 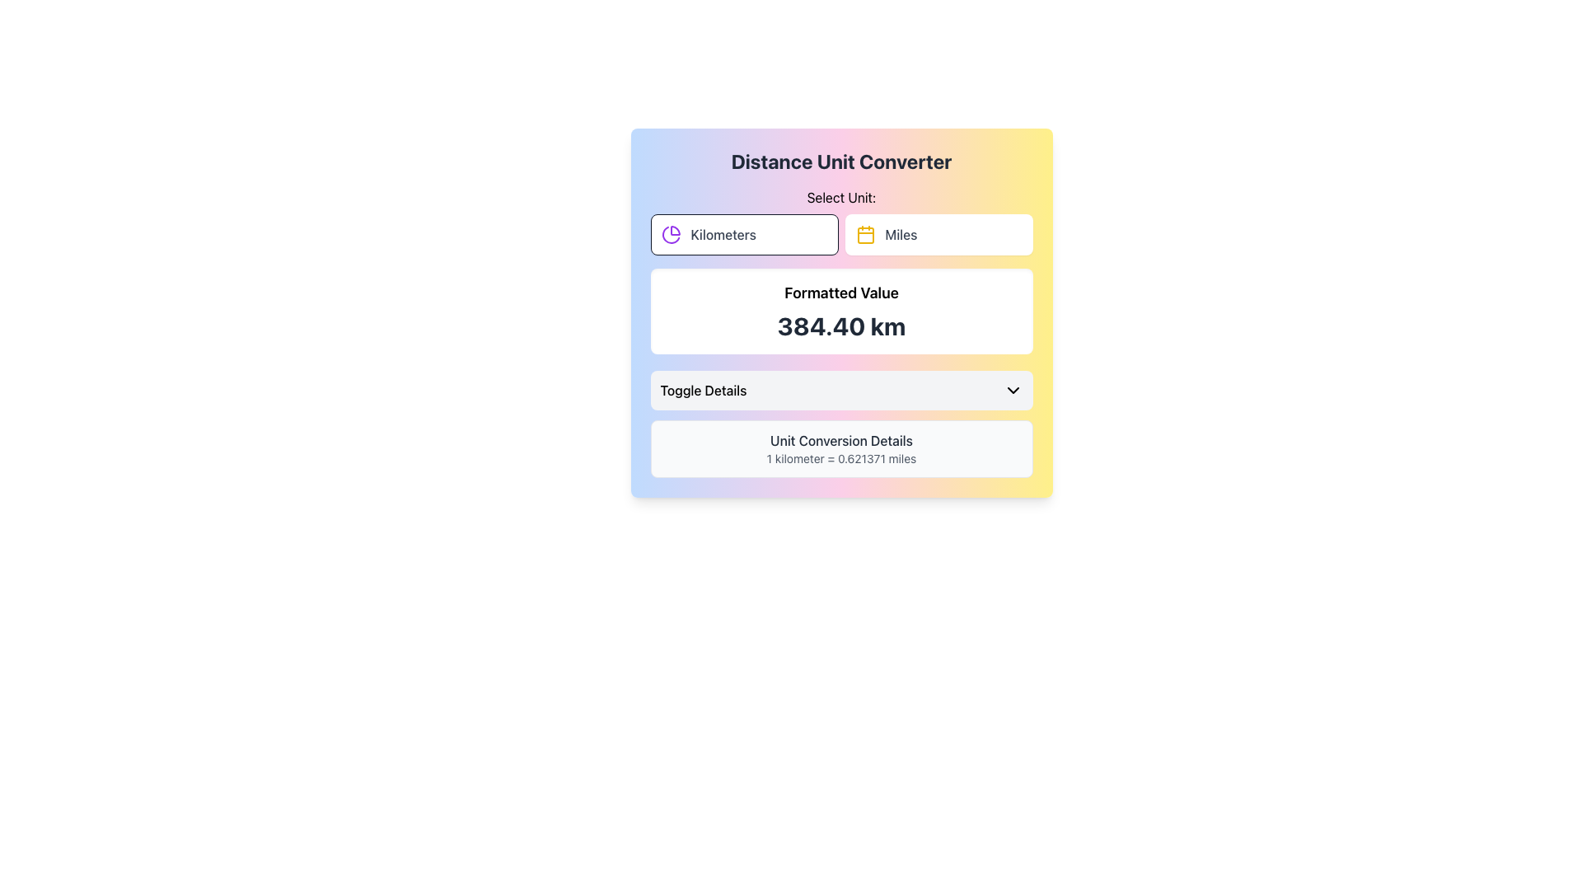 I want to click on the 'Miles' button, which is the second option in the 'Select Unit:' group in the 'Distance Unit Converter' tool, so click(x=938, y=235).